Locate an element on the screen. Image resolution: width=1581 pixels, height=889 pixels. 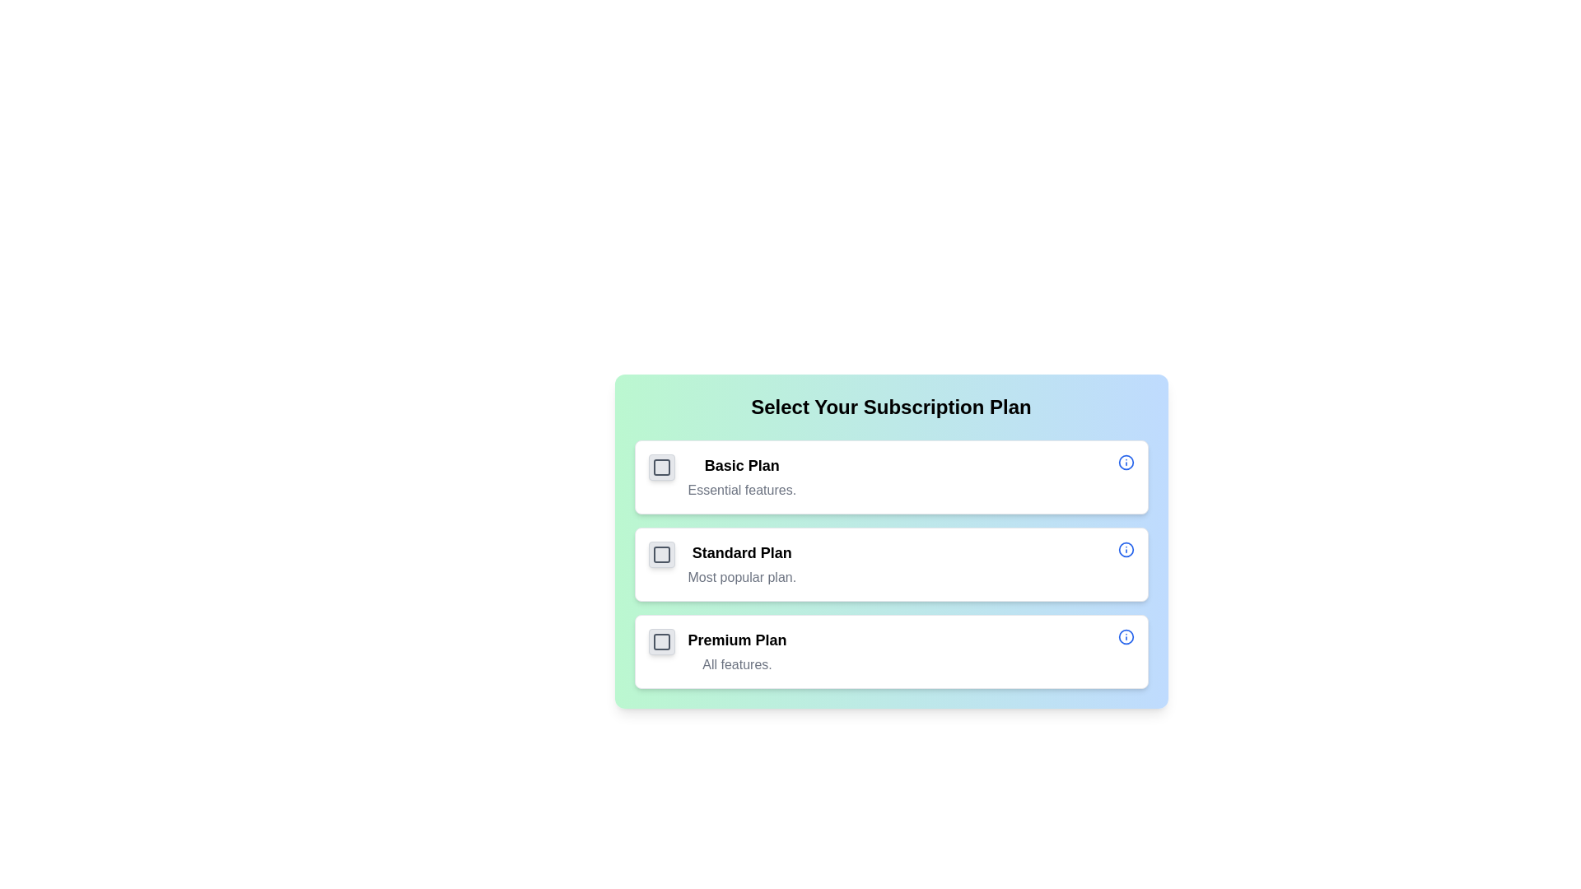
the Informative Text Label that provides additional descriptive information about the 'Standard Plan', emphasizing its popularity, located below the heading 'Standard Plan' is located at coordinates (741, 577).